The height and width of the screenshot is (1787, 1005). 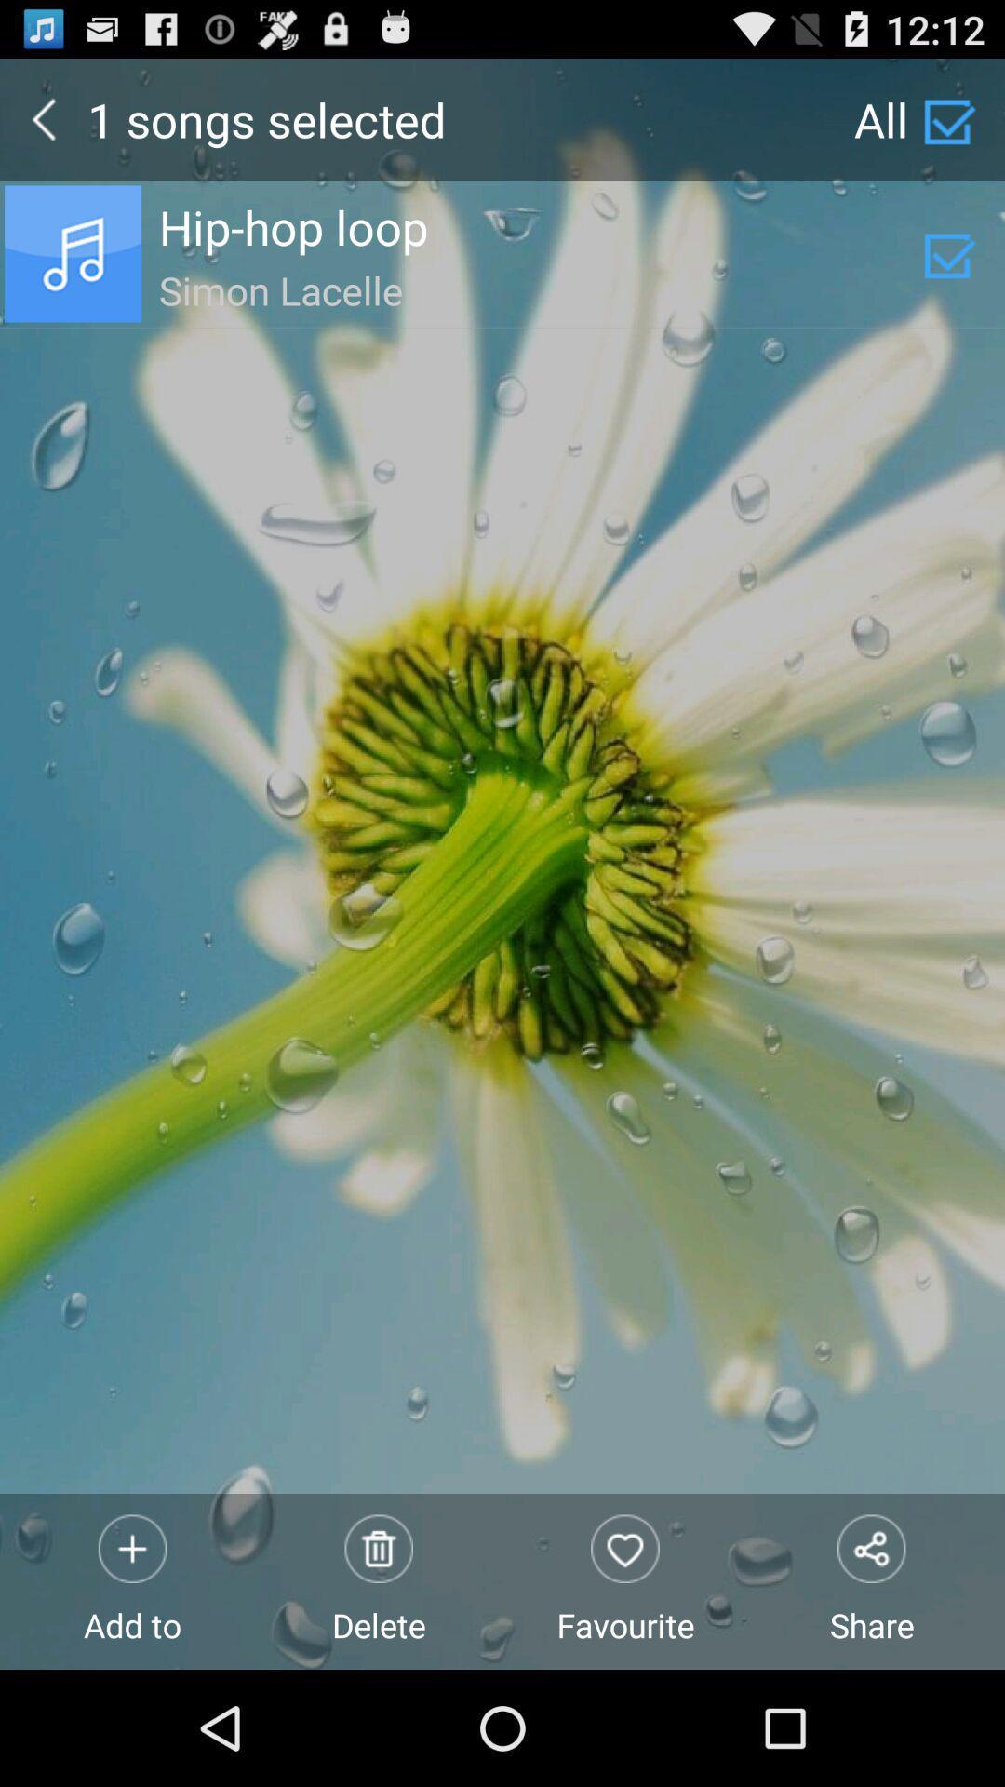 What do you see at coordinates (625, 1580) in the screenshot?
I see `app to the left of share app` at bounding box center [625, 1580].